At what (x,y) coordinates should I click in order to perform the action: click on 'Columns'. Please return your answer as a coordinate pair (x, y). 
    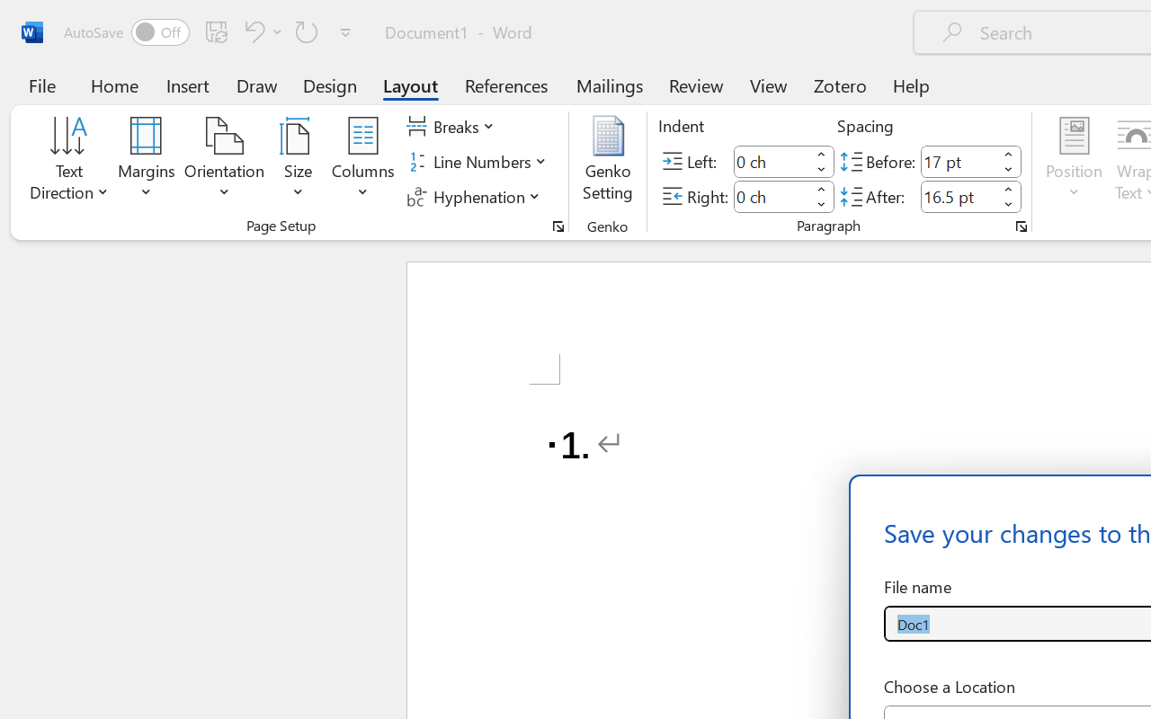
    Looking at the image, I should click on (362, 161).